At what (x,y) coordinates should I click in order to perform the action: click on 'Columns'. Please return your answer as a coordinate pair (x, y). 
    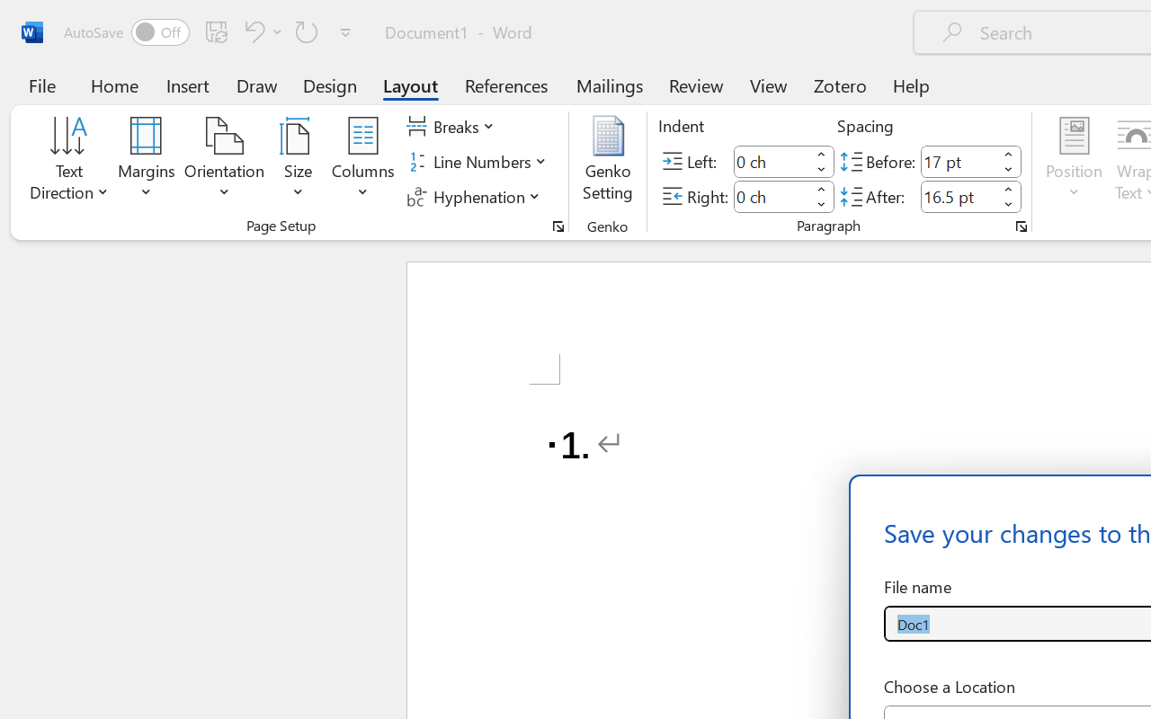
    Looking at the image, I should click on (362, 161).